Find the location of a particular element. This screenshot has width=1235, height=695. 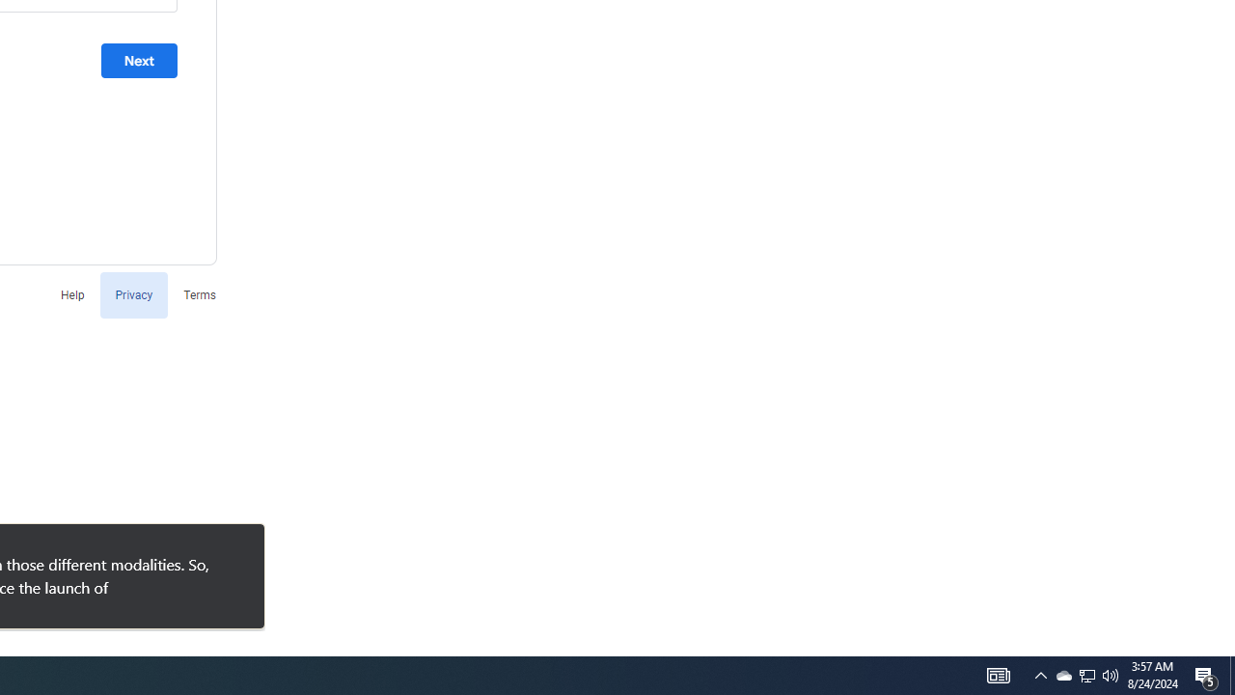

'Terms' is located at coordinates (200, 294).